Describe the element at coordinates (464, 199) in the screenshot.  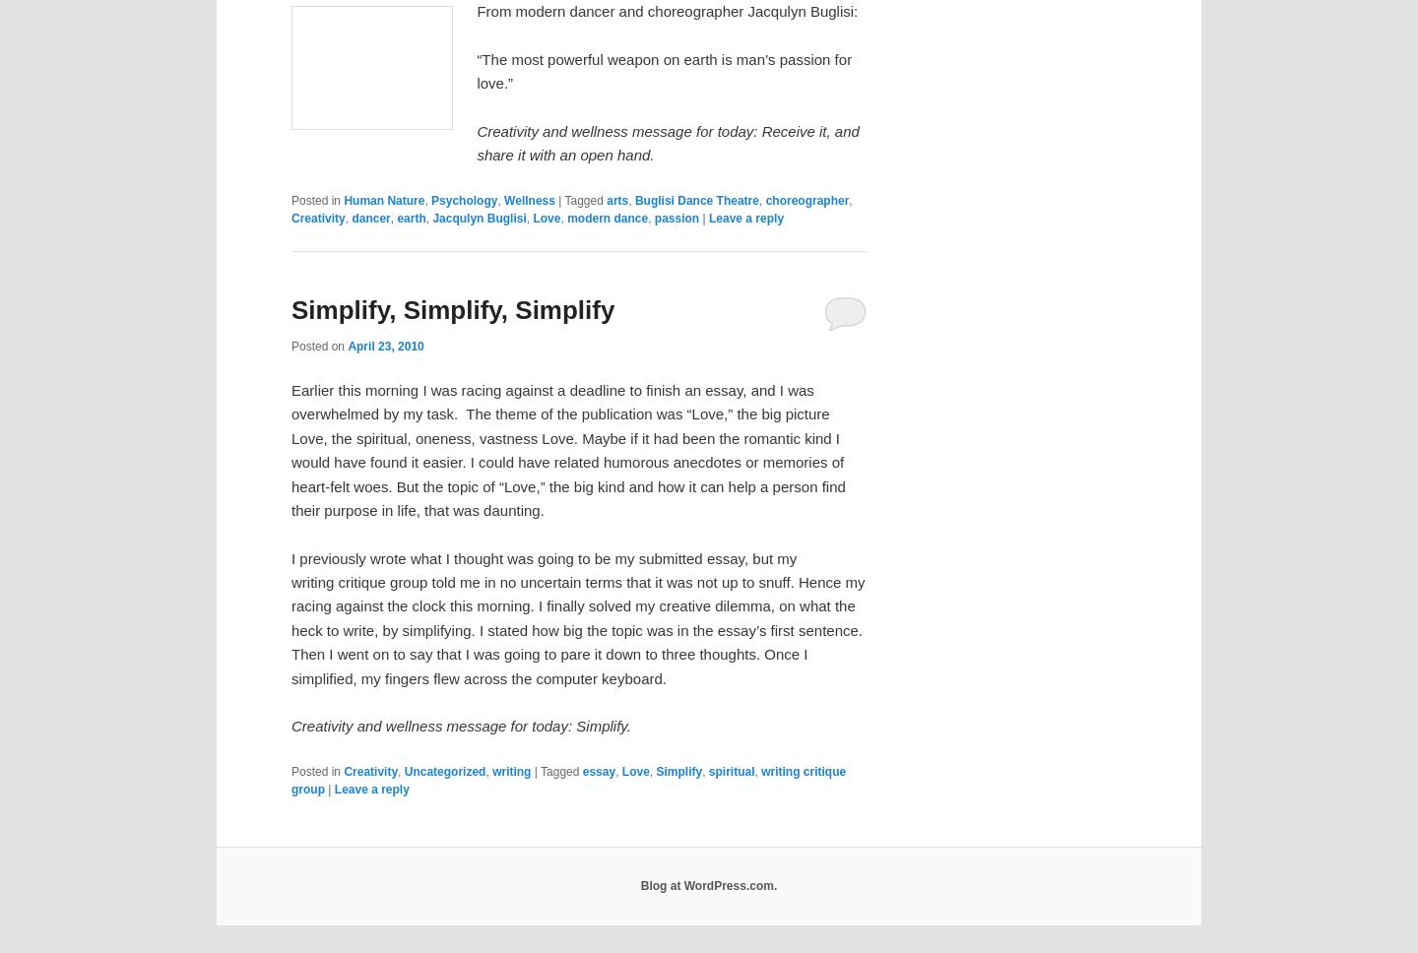
I see `'Psychology'` at that location.